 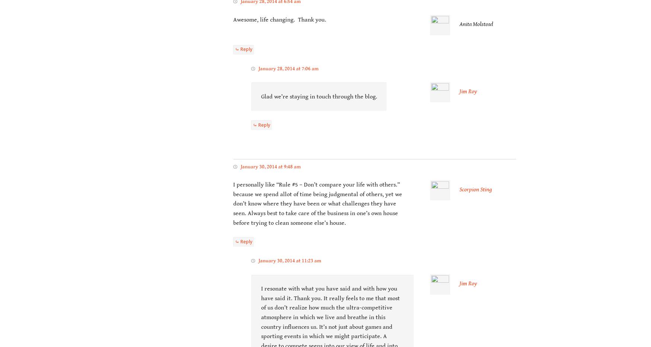 I want to click on 'January 30, 2014 at 9:48 am', so click(x=270, y=166).